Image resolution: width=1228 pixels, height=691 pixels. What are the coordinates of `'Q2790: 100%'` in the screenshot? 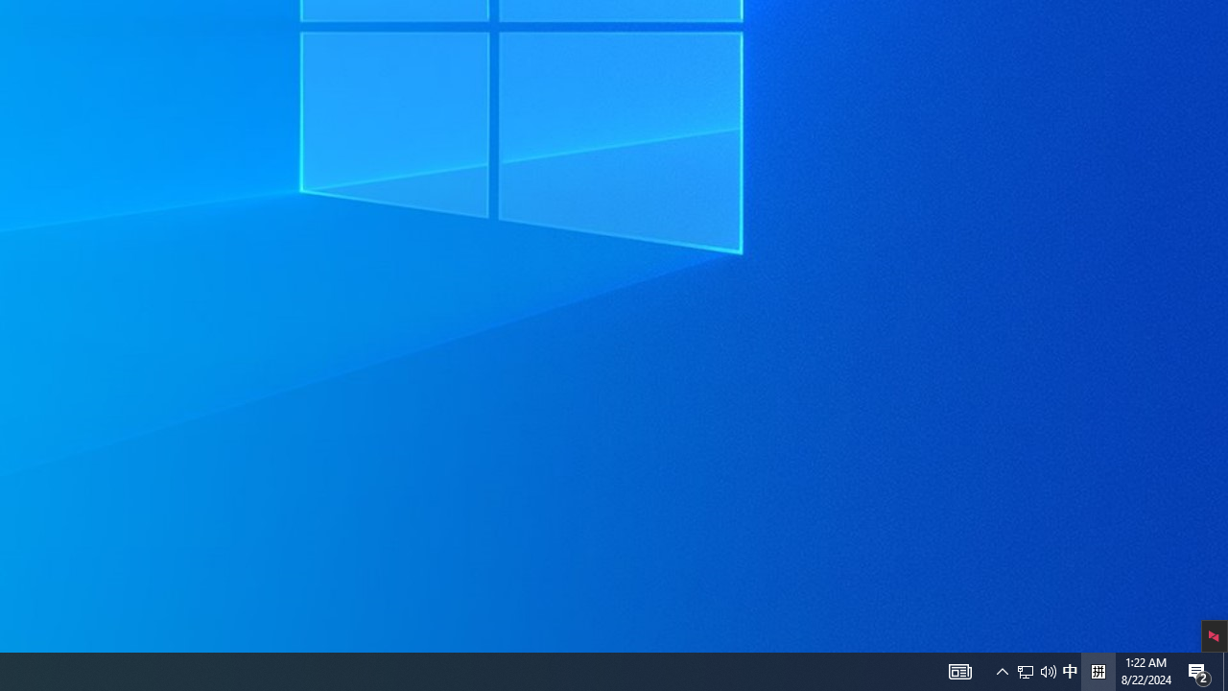 It's located at (1048, 670).